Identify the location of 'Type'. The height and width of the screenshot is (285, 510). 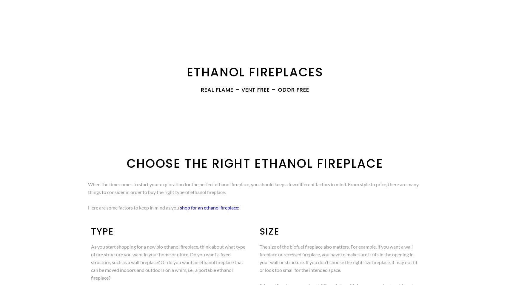
(101, 231).